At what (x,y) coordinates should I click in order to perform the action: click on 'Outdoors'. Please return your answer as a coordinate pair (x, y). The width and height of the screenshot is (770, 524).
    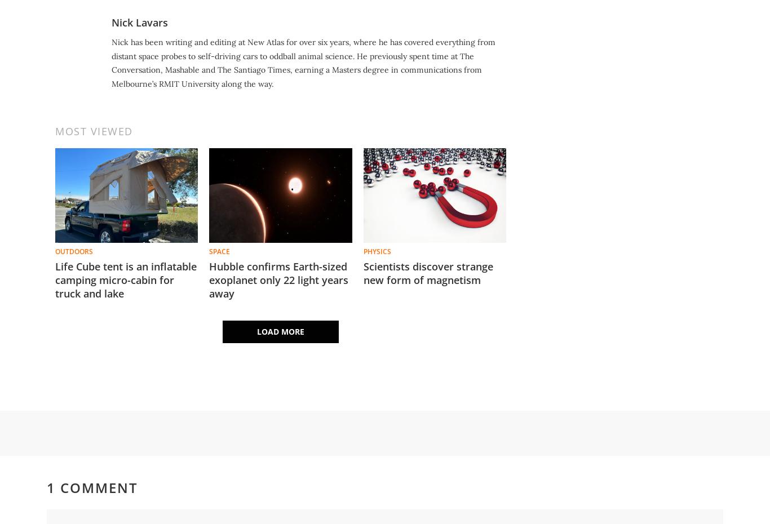
    Looking at the image, I should click on (55, 251).